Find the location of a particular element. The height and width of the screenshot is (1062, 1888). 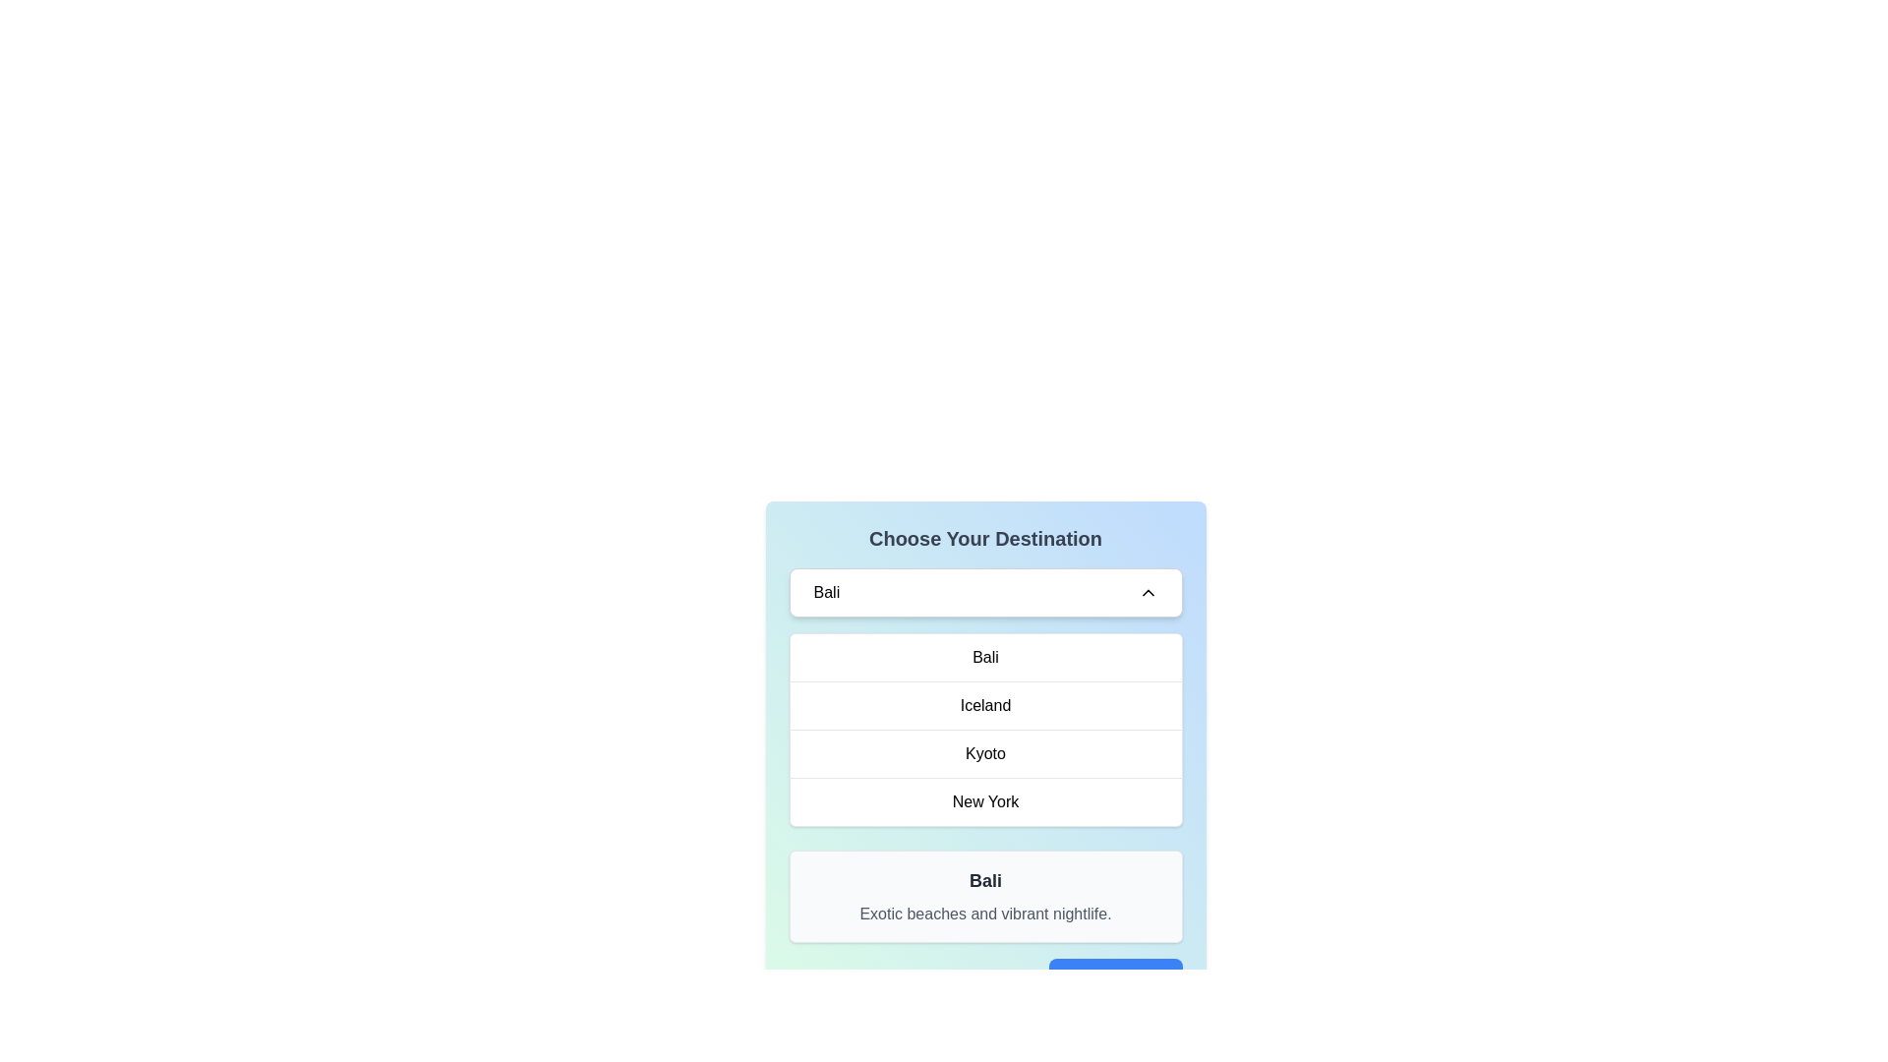

displayed text 'Bali' from the bold text label located at the left side of the box under the title 'Choose Your Destination' is located at coordinates (826, 591).